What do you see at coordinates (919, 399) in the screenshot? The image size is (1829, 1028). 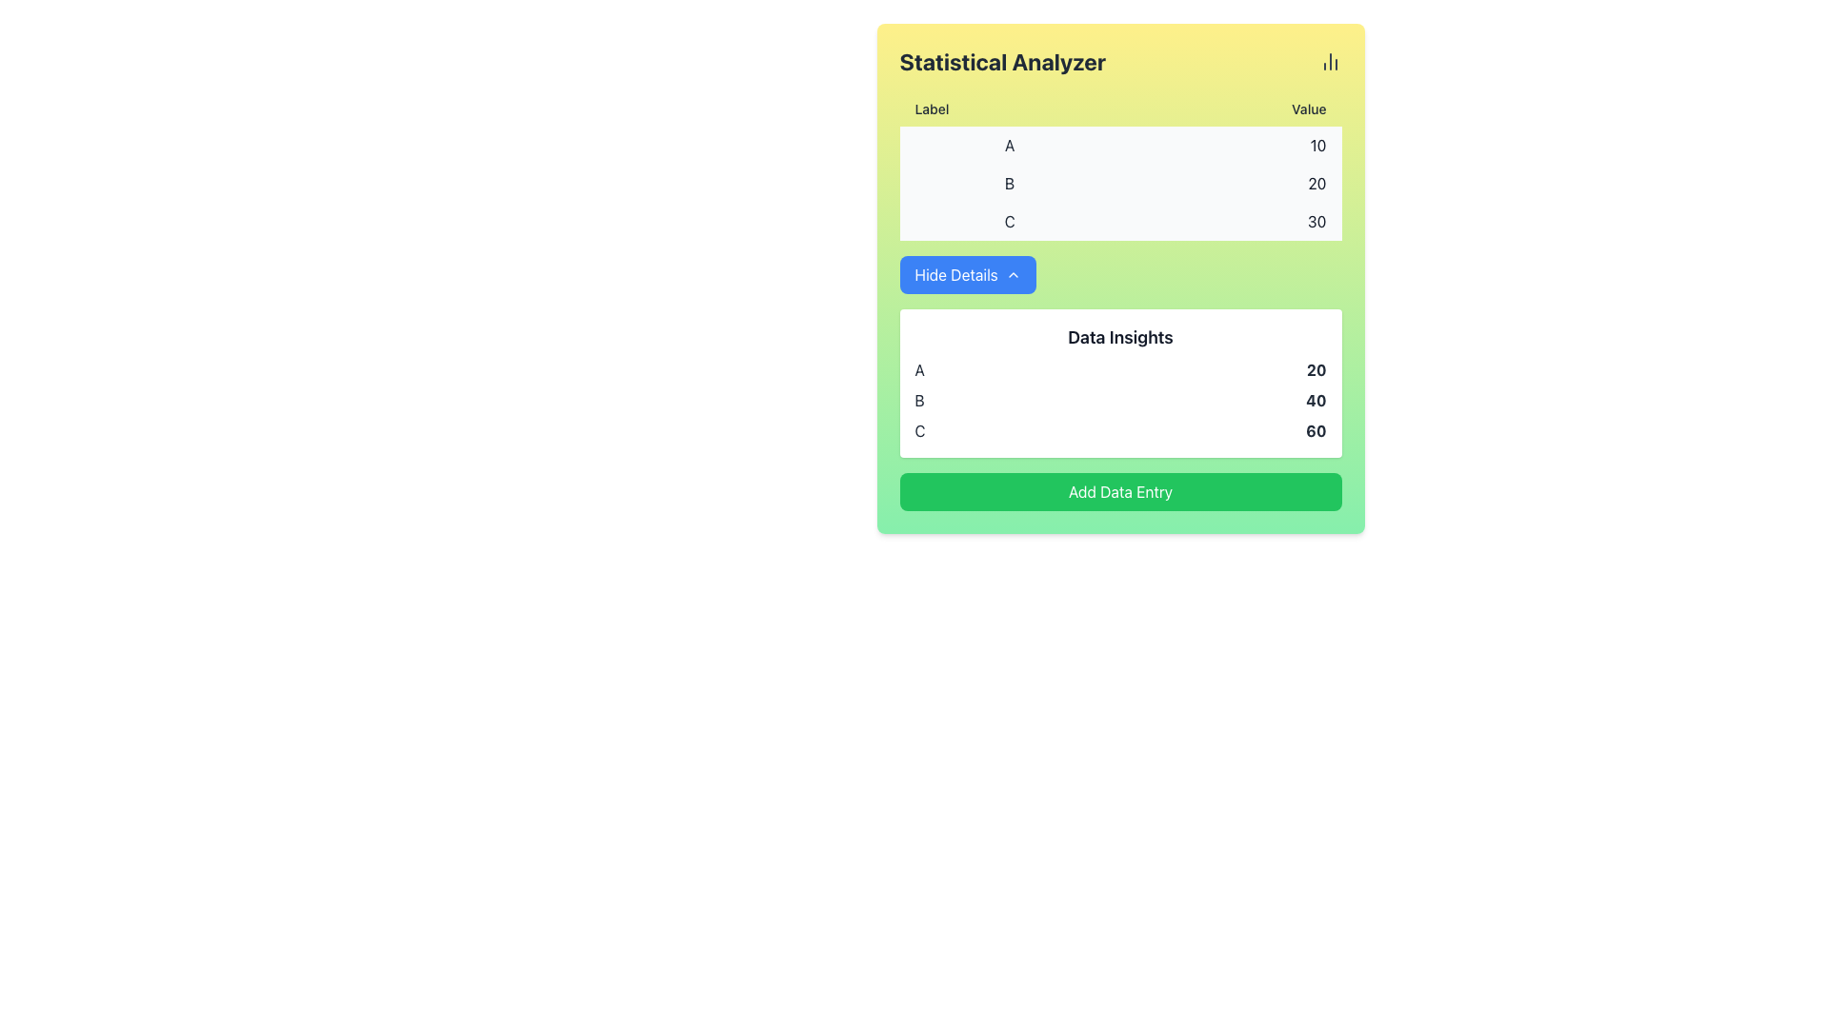 I see `the bold uppercase letter 'B' text label located in the 'Data Insights' section, positioned between 'A' and 'C' in a vertical list` at bounding box center [919, 399].